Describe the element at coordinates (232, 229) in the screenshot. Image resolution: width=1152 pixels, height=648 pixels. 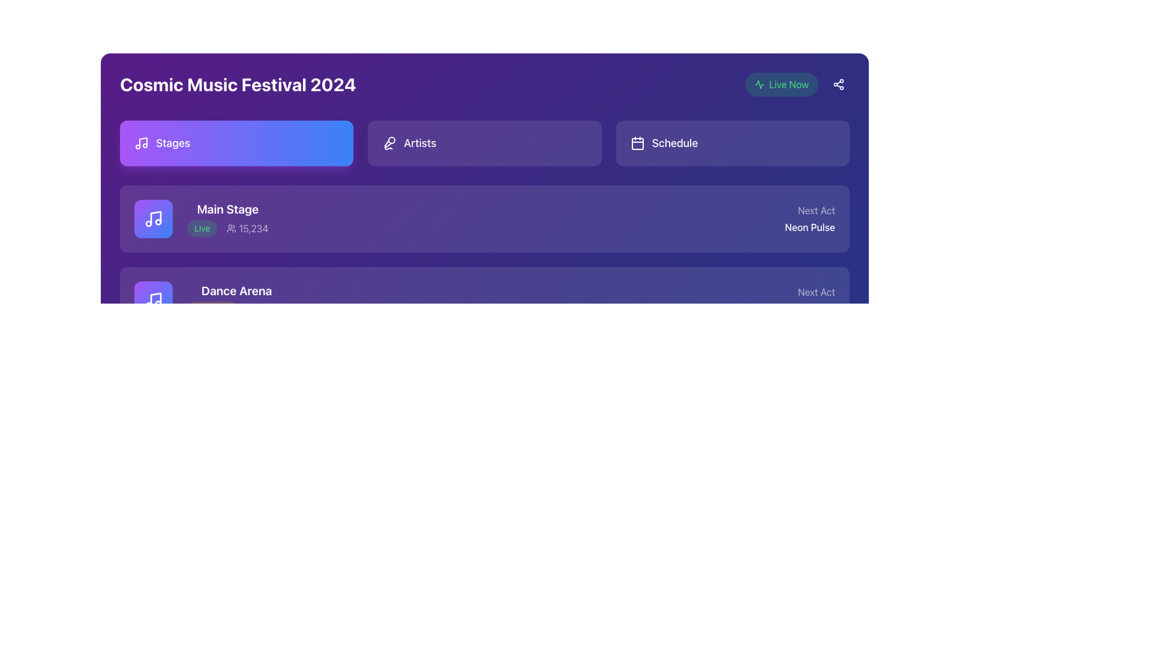
I see `the user attendance count icon located in the 'Main Stage' section, positioned to the left of the text '15,234'` at that location.